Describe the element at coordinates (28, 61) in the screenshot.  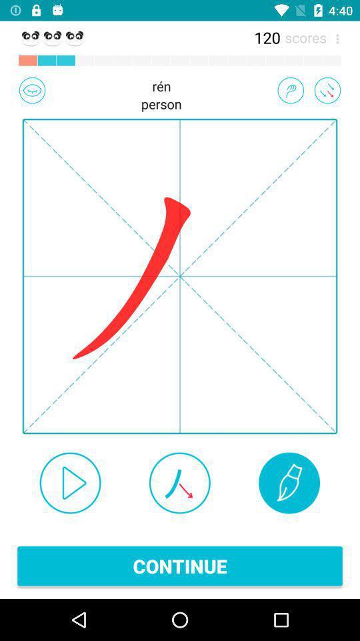
I see `a red bar which is on the top left corner of the page` at that location.